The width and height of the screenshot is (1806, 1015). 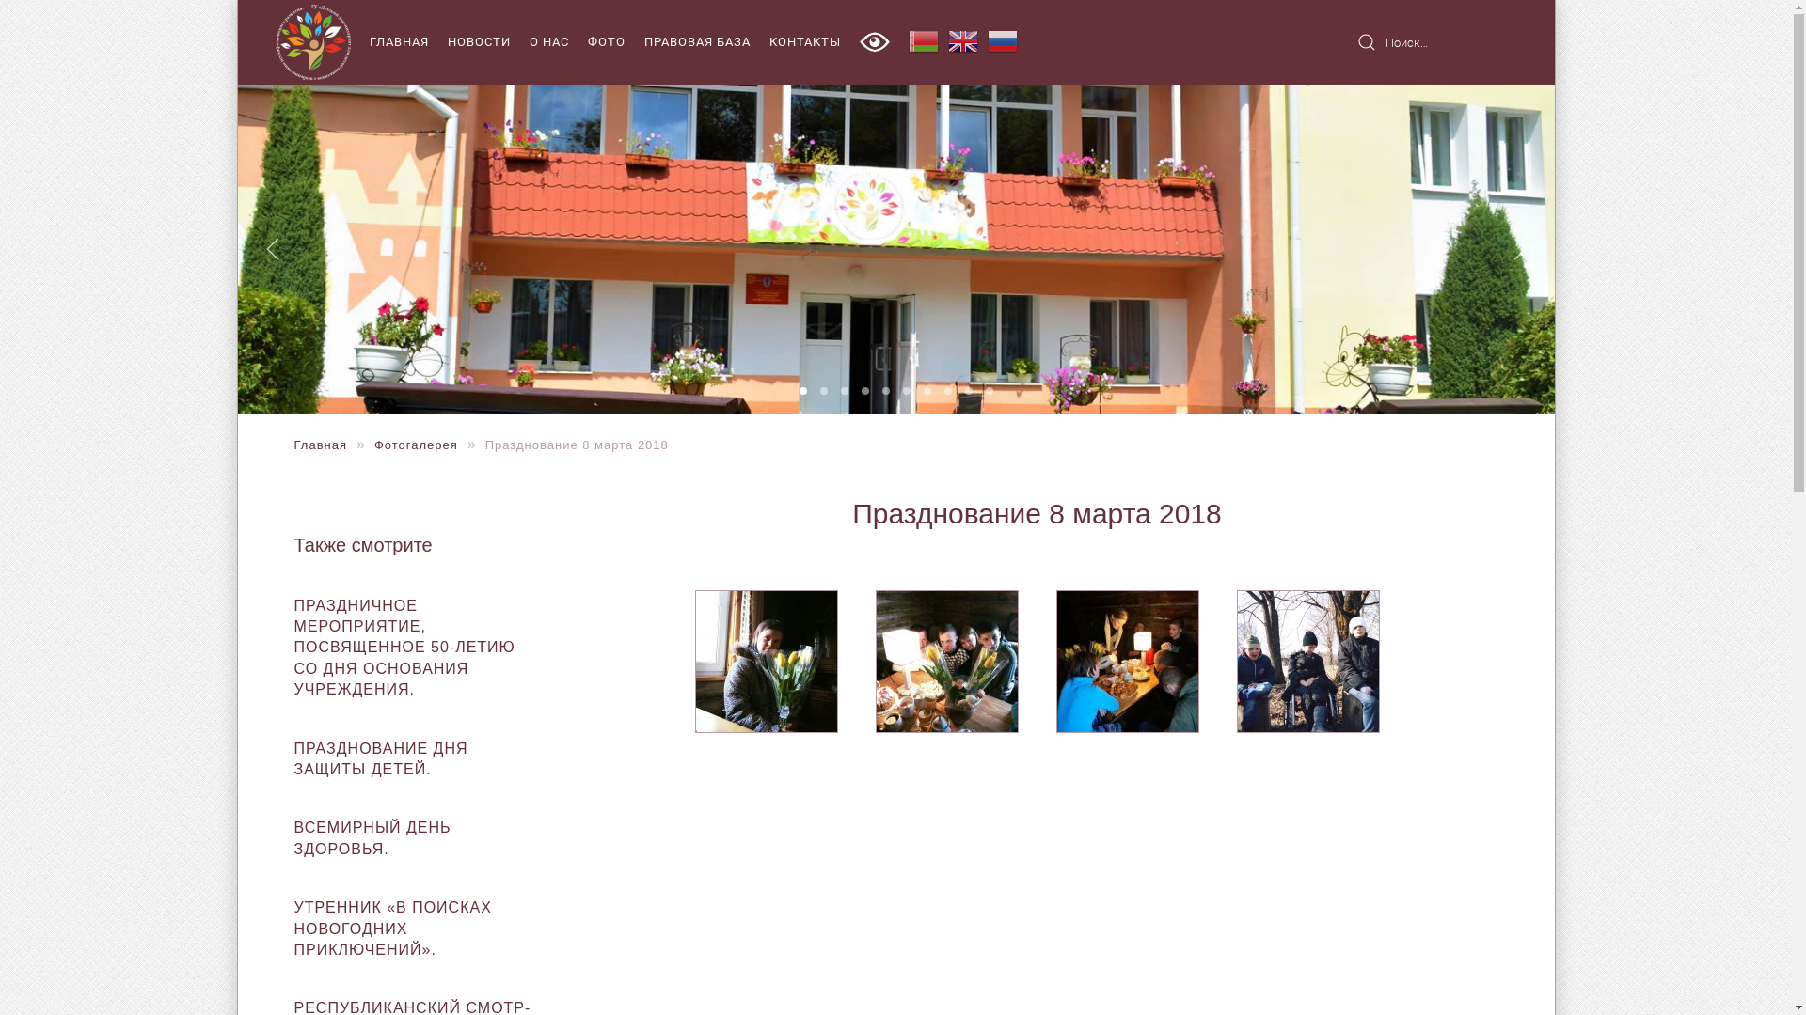 What do you see at coordinates (962, 52) in the screenshot?
I see `'English'` at bounding box center [962, 52].